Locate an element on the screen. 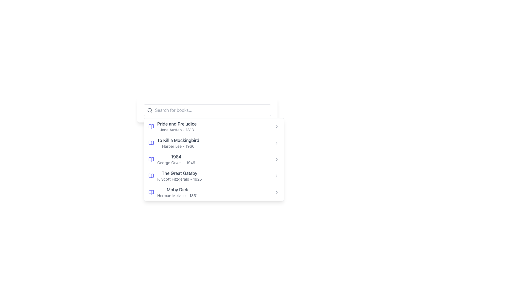 The width and height of the screenshot is (526, 296). the text block displaying 'To Kill a Mockingbird' is located at coordinates (178, 143).